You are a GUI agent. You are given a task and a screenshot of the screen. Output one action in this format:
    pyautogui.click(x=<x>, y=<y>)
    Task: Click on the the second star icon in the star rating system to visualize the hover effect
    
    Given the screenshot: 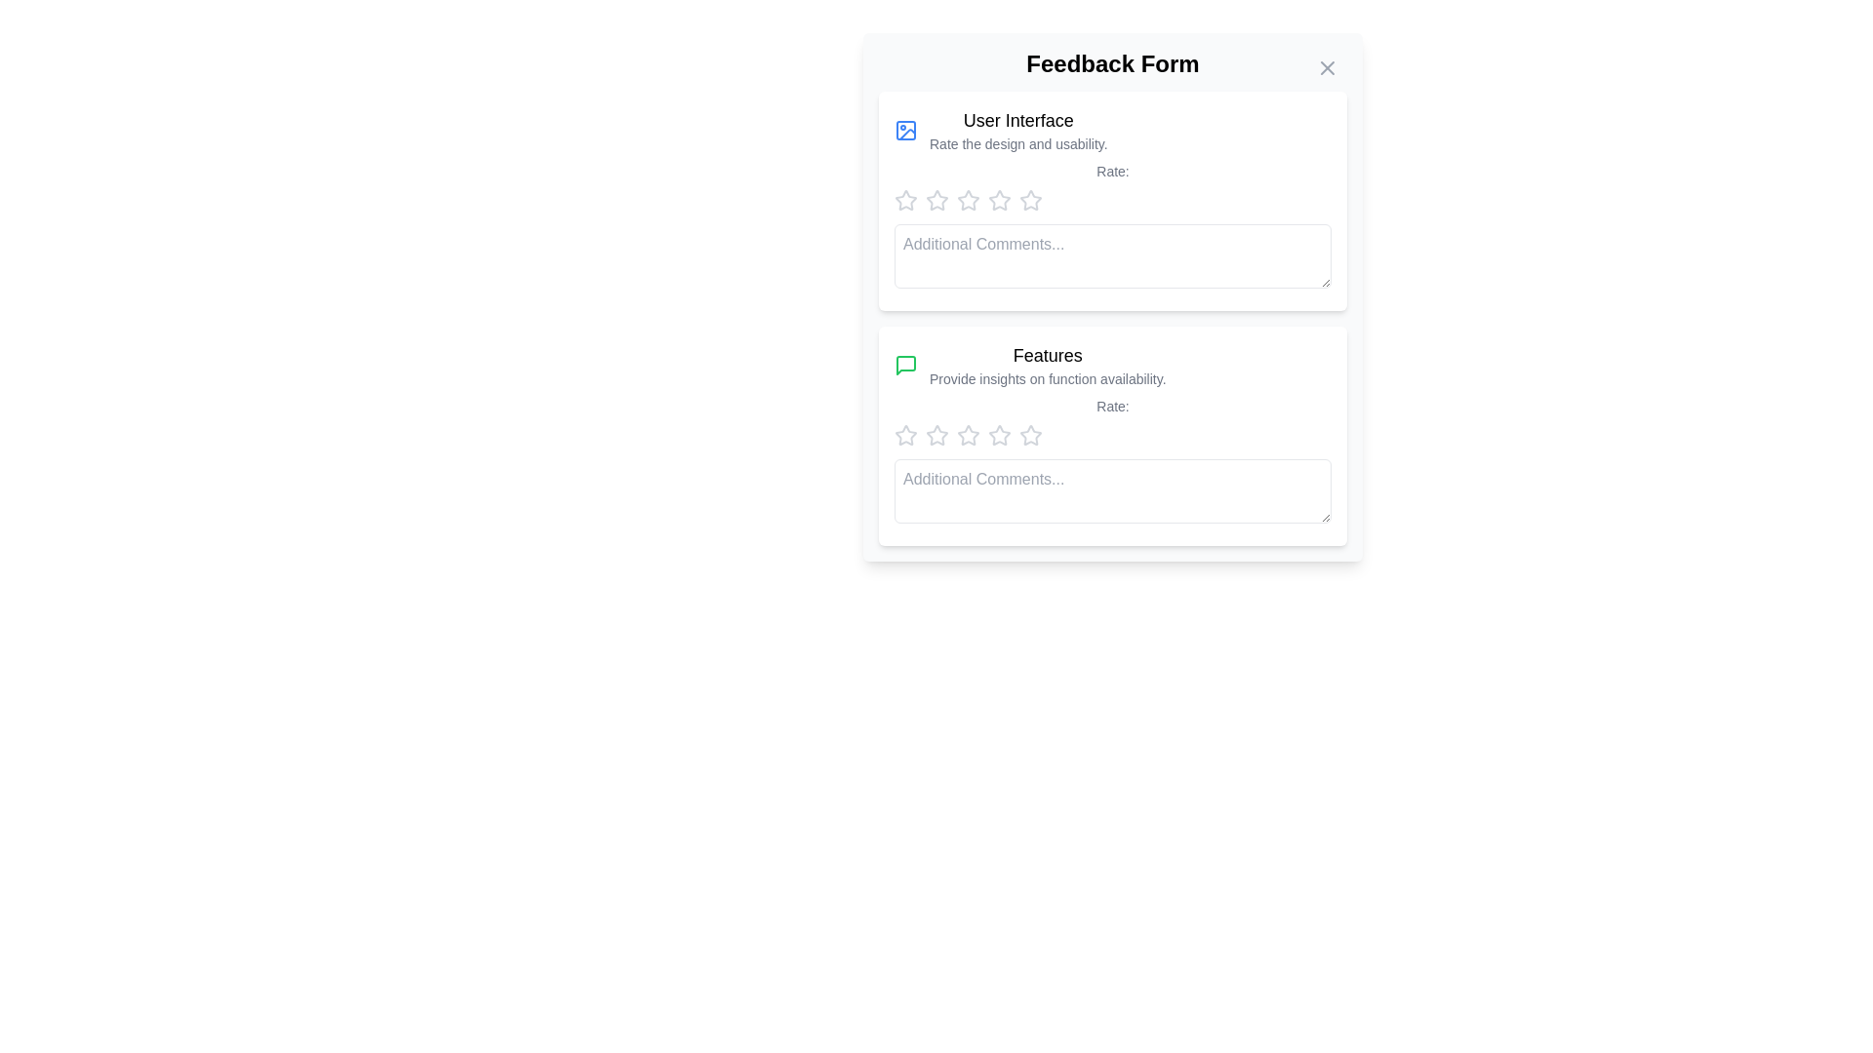 What is the action you would take?
    pyautogui.click(x=936, y=435)
    